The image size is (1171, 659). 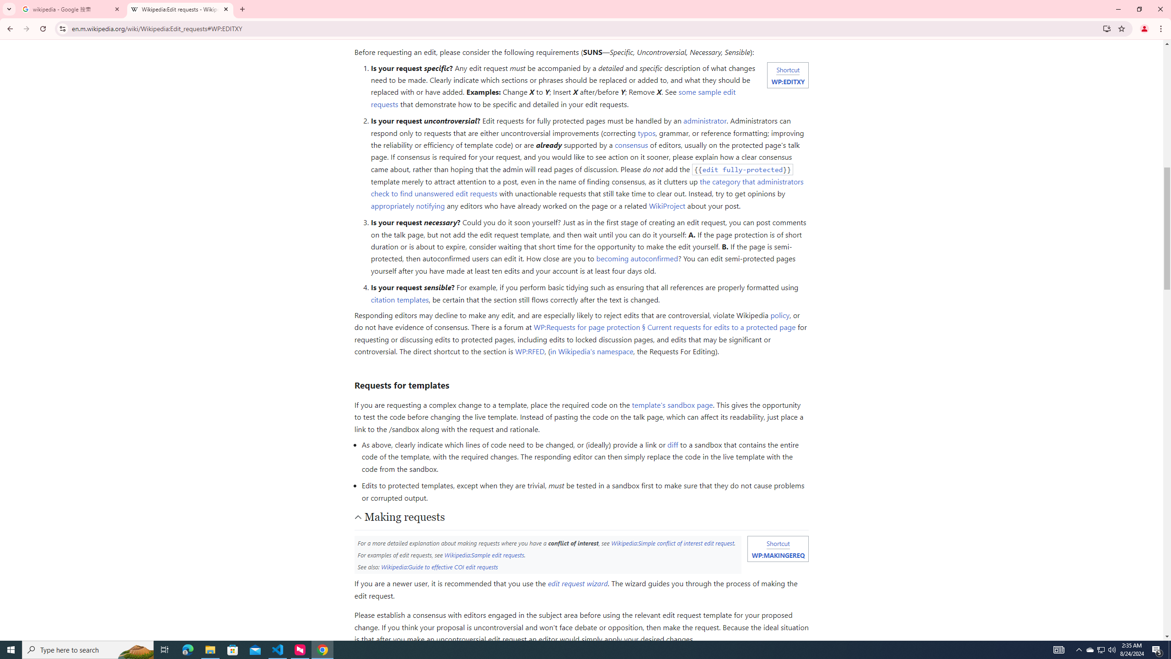 What do you see at coordinates (1107, 28) in the screenshot?
I see `'Install Wikipedia'` at bounding box center [1107, 28].